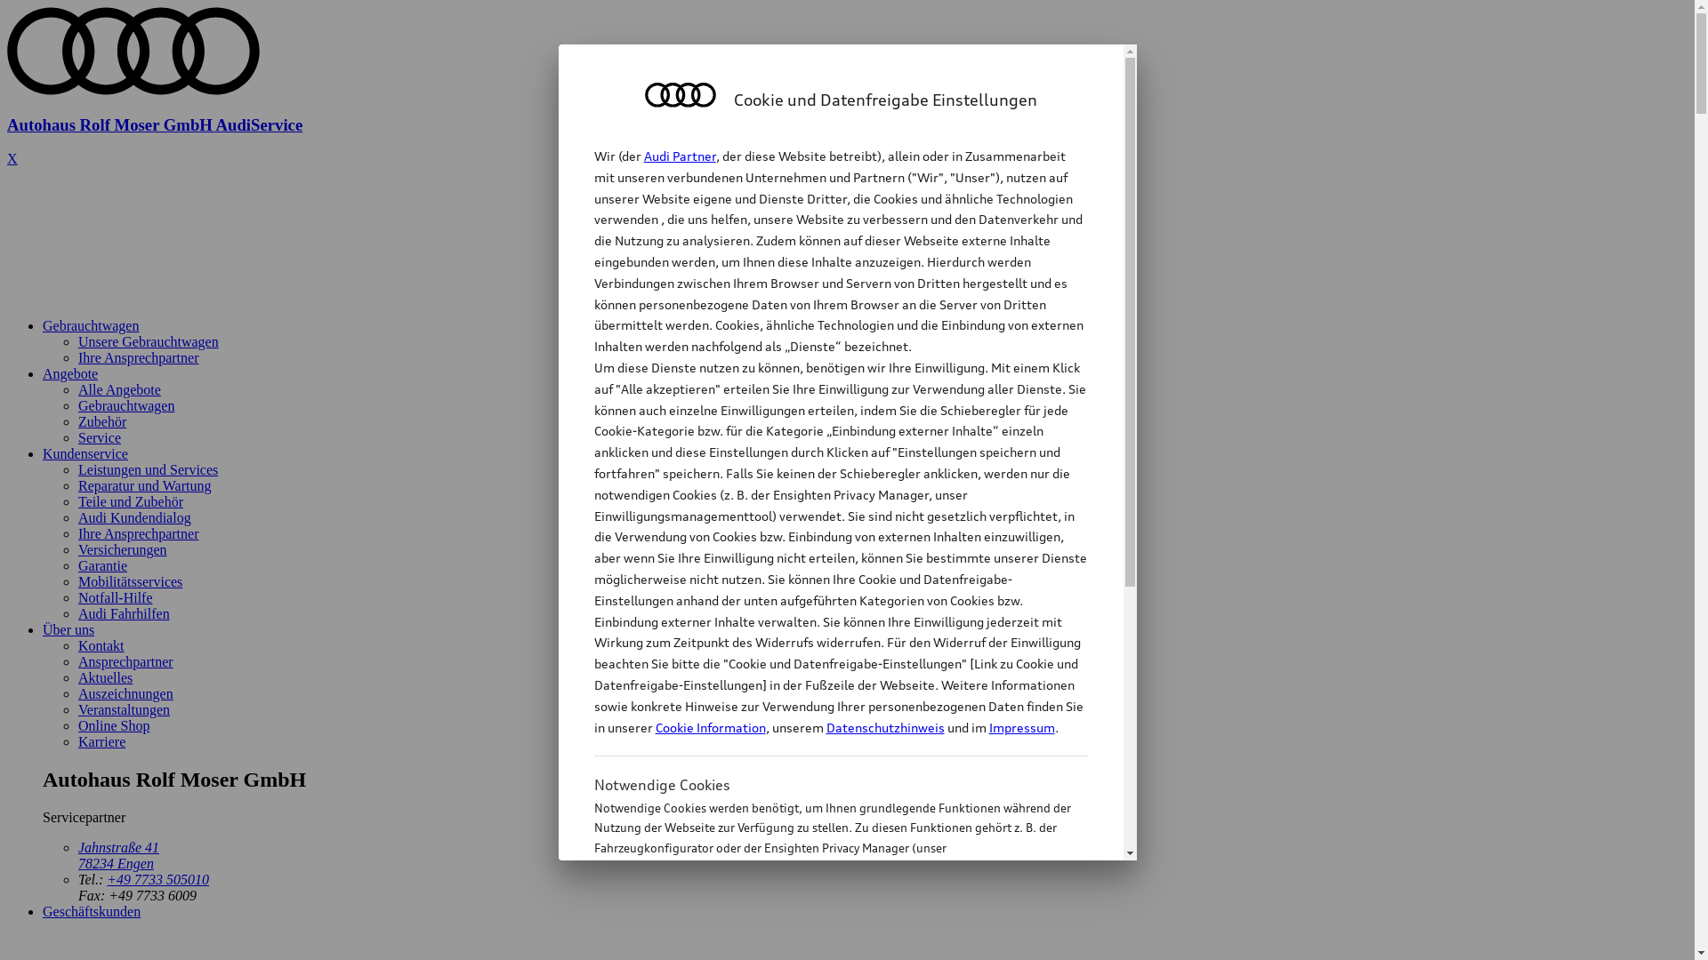  I want to click on '+49 7733 505010', so click(157, 878).